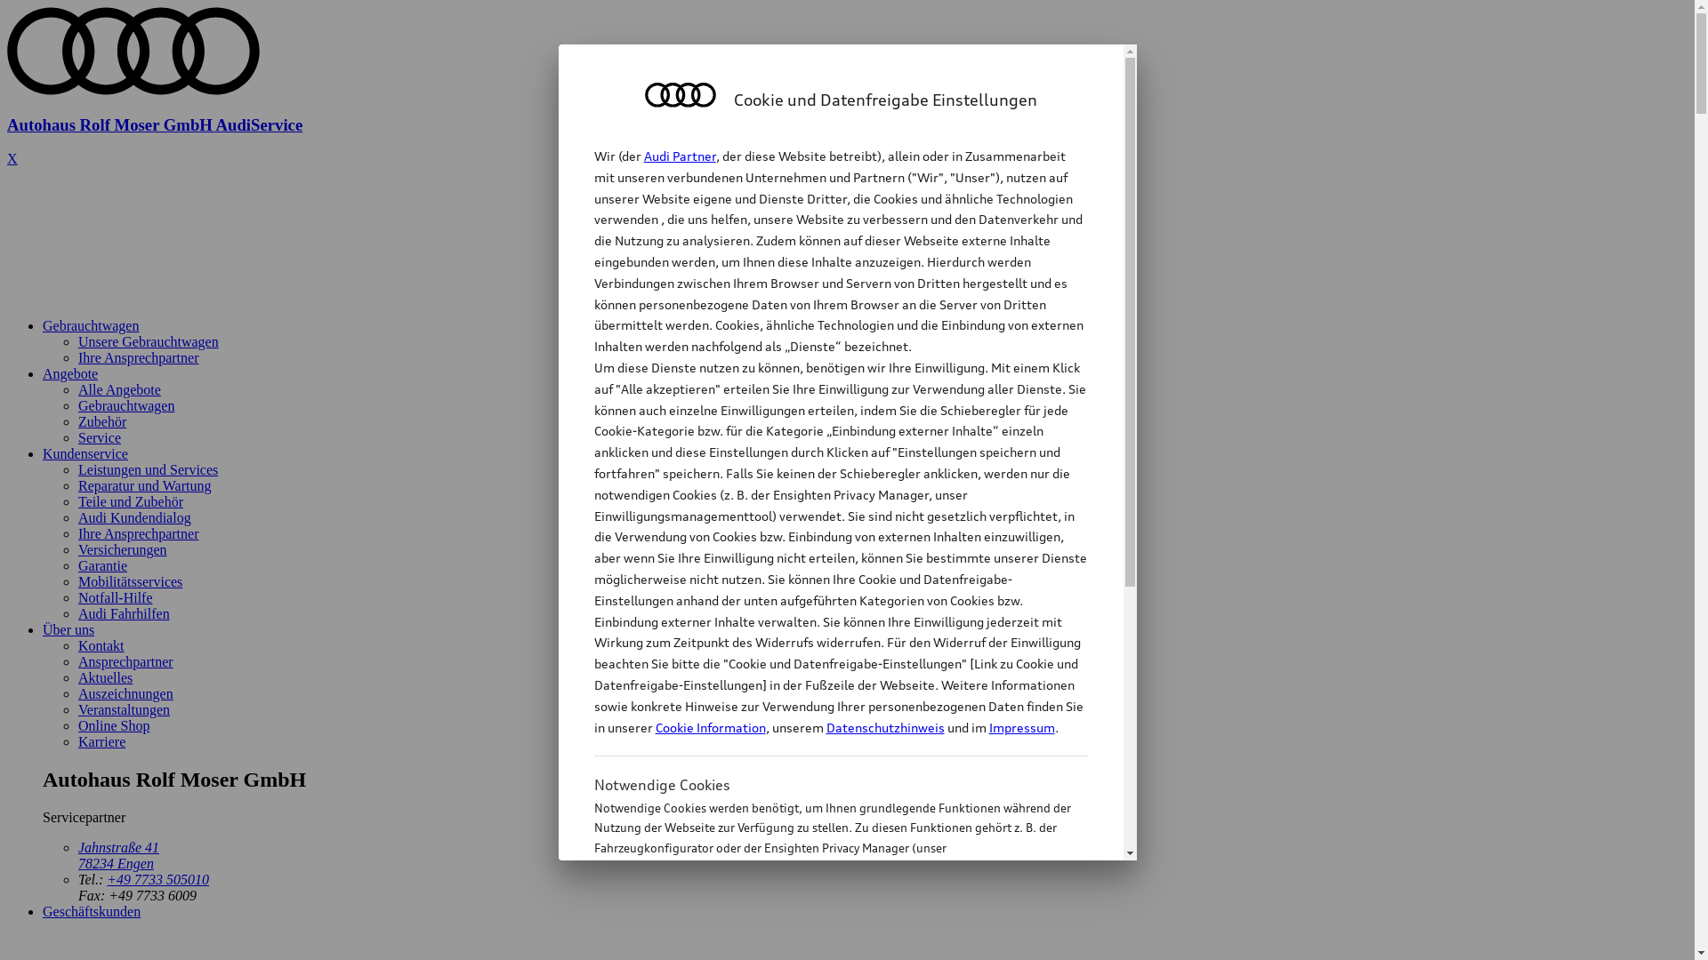  I want to click on '+49 7733 505010', so click(157, 878).